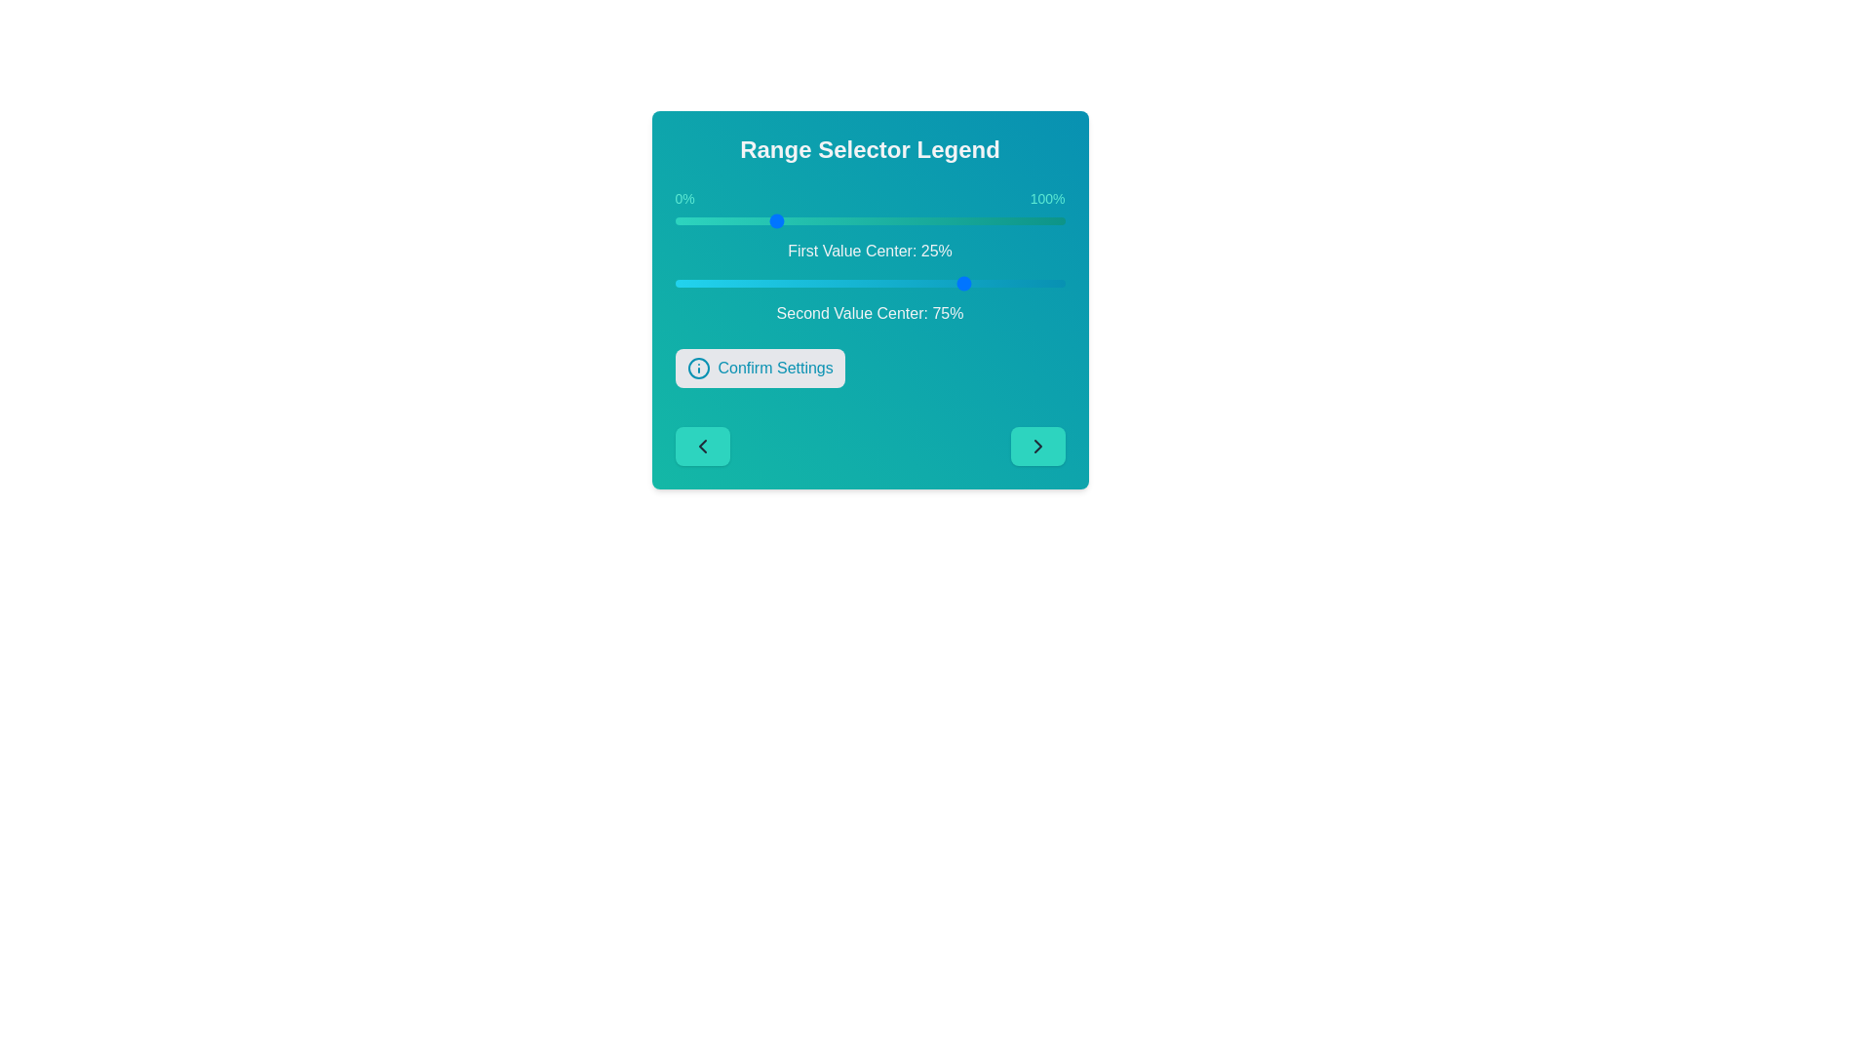 Image resolution: width=1872 pixels, height=1053 pixels. What do you see at coordinates (698, 369) in the screenshot?
I see `the circular icon with a blue outline located to the left of the 'Confirm Settings' button` at bounding box center [698, 369].